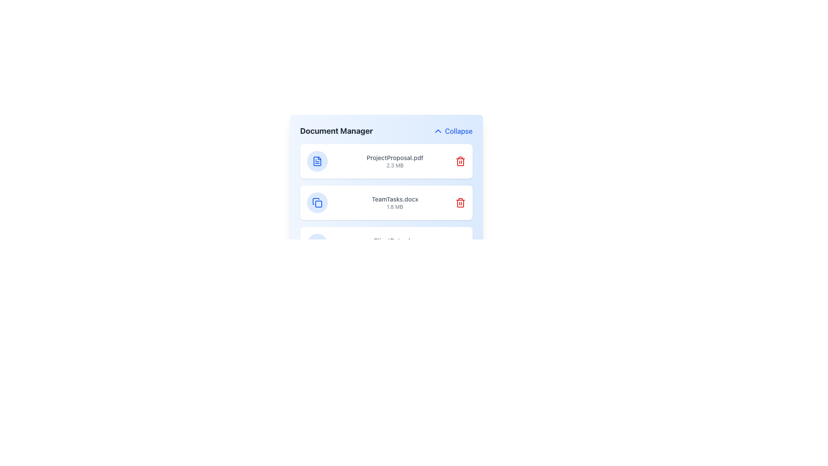  What do you see at coordinates (438, 131) in the screenshot?
I see `the upward-pointing blue chevron icon representing the collapse function in the header area of the 'Document Manager'` at bounding box center [438, 131].